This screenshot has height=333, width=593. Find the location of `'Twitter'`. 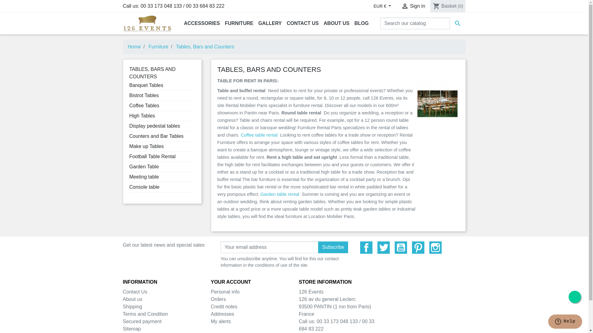

'Twitter' is located at coordinates (377, 247).